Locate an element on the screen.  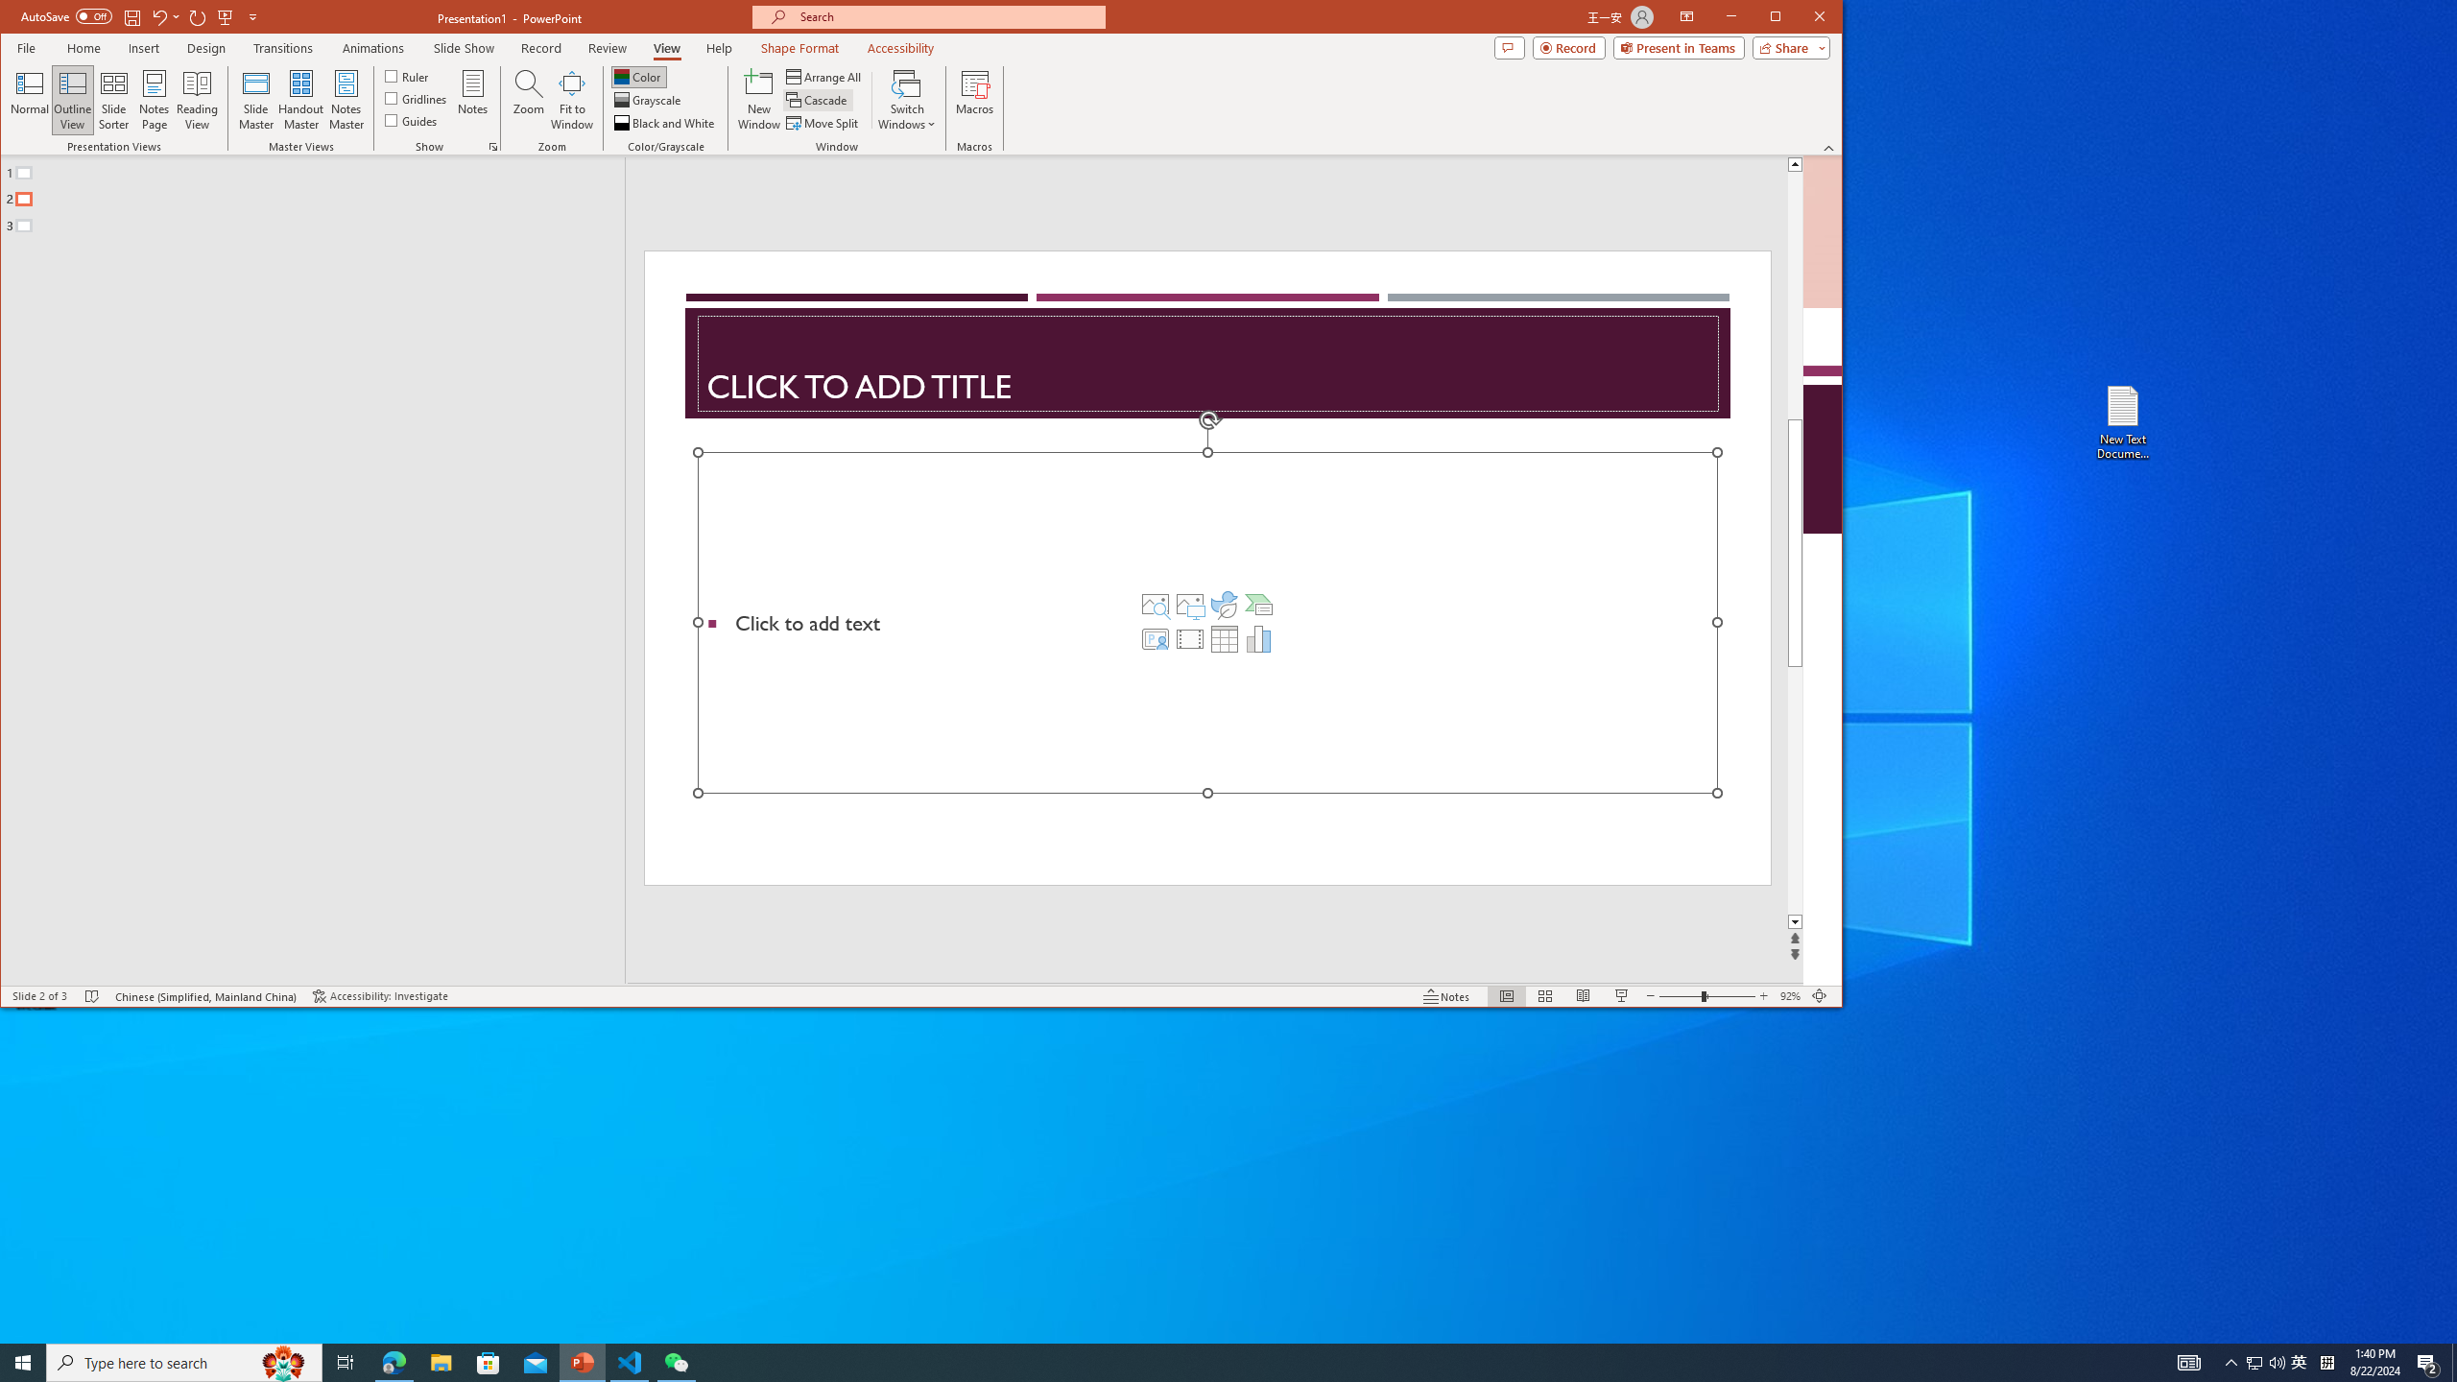
'WeChat - 1 running window' is located at coordinates (677, 1361).